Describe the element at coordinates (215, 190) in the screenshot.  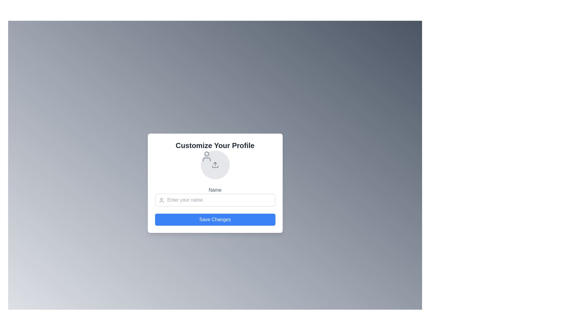
I see `the text label displaying 'Name', which is positioned above the input field for entering a name in the modal window` at that location.